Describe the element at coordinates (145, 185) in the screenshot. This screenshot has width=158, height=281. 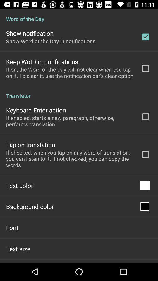
I see `app next to the text color item` at that location.